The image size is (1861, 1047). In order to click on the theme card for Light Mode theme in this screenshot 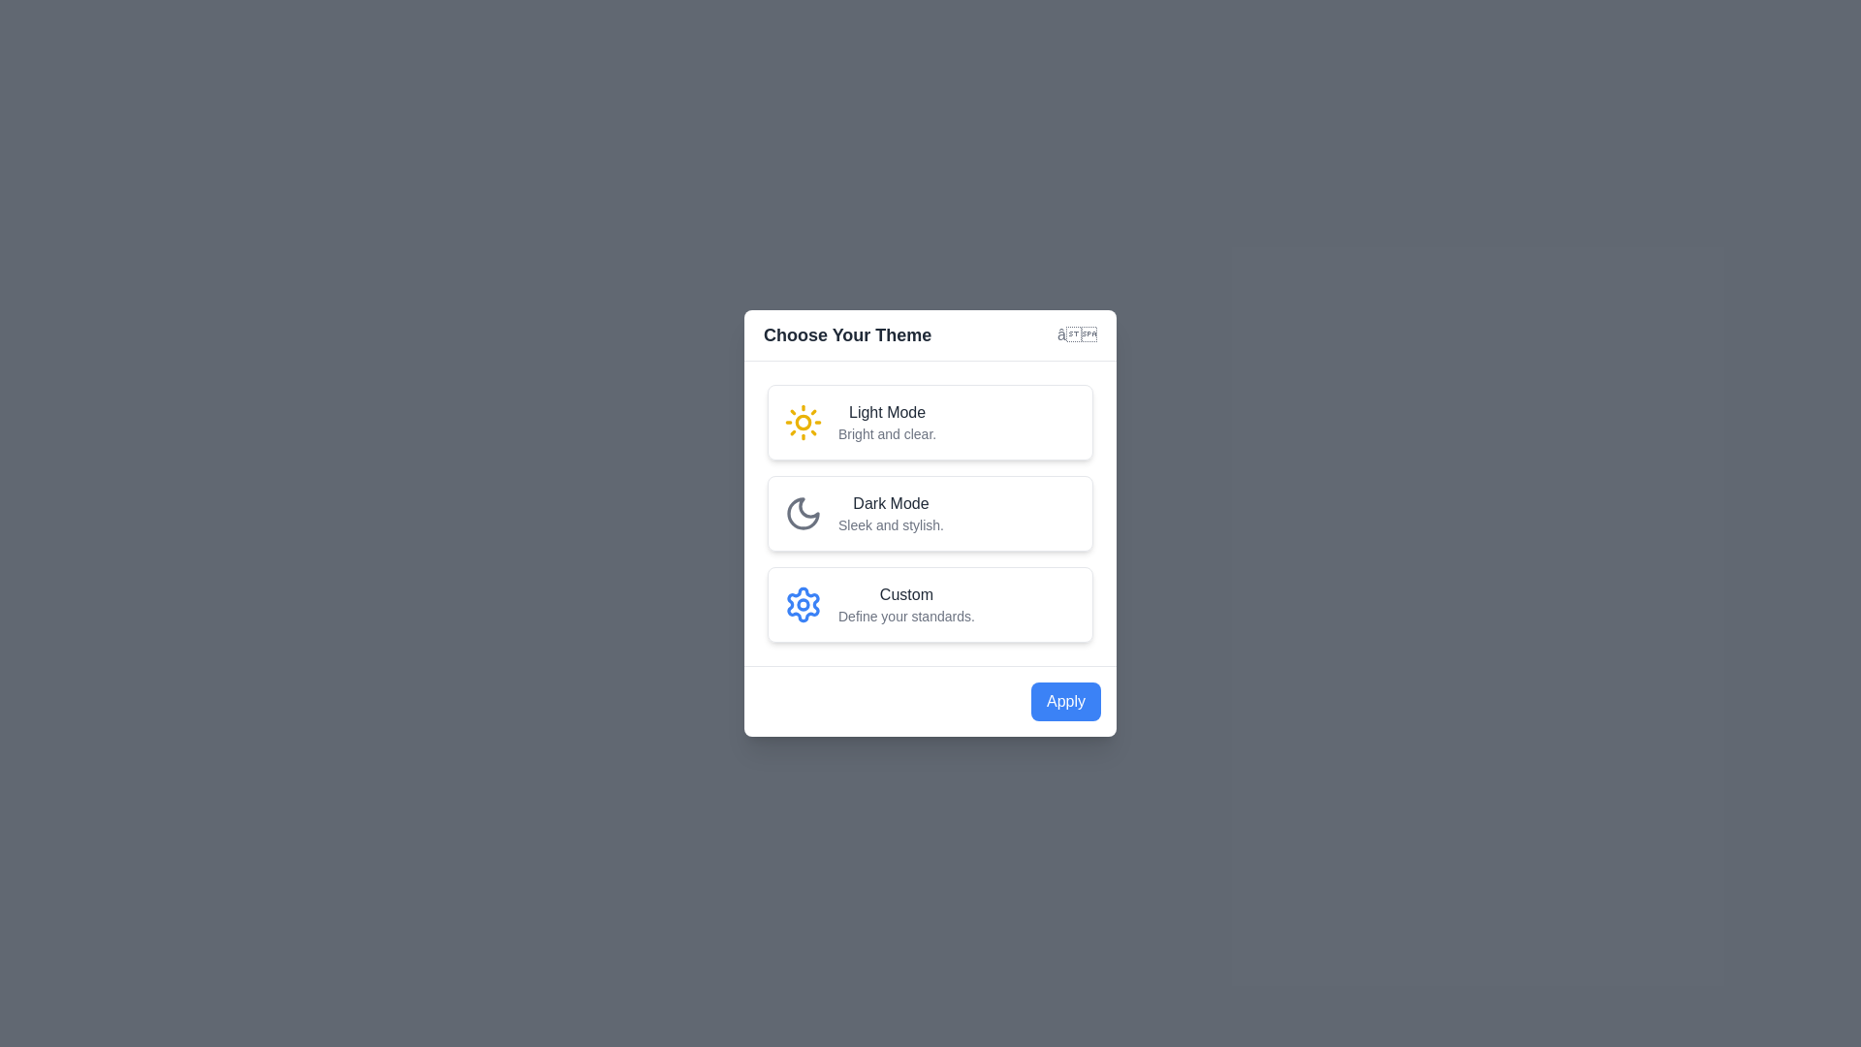, I will do `click(930, 421)`.